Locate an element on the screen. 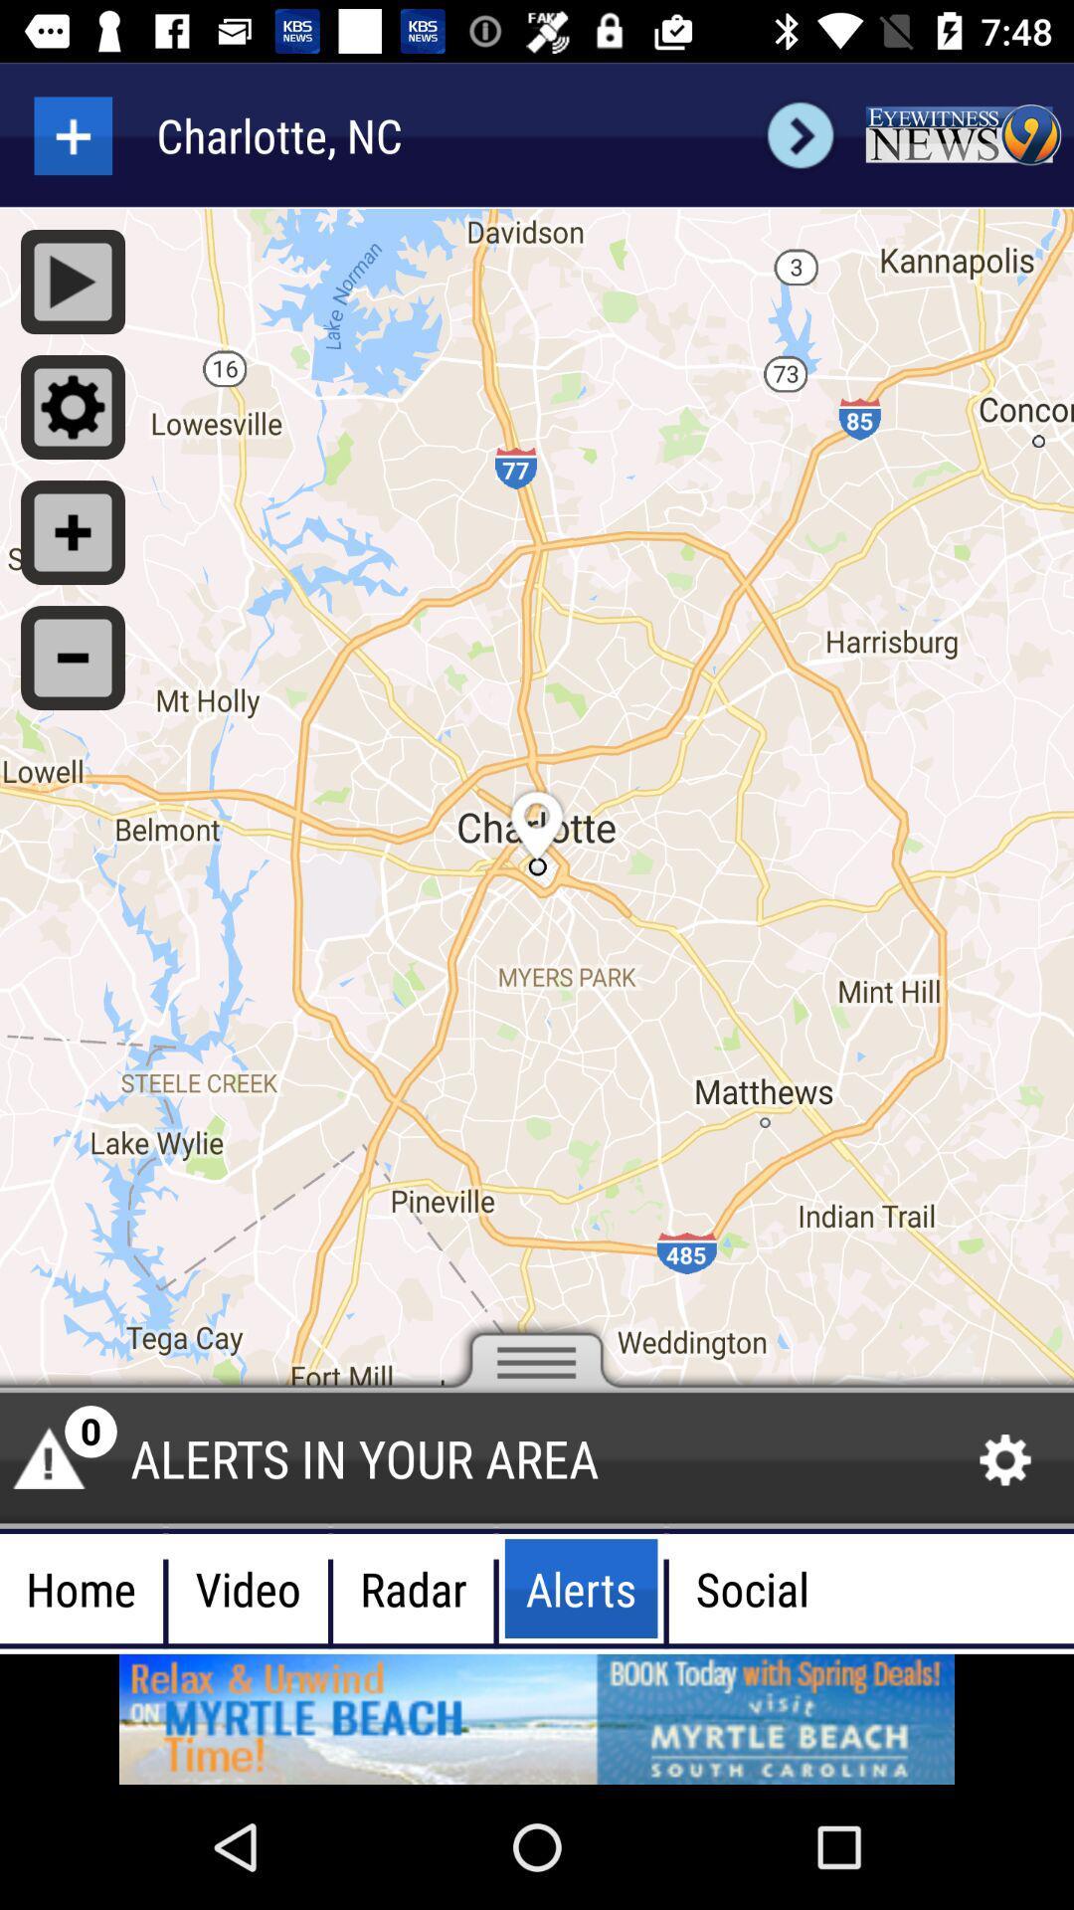 The height and width of the screenshot is (1910, 1074). the add icon is located at coordinates (72, 134).